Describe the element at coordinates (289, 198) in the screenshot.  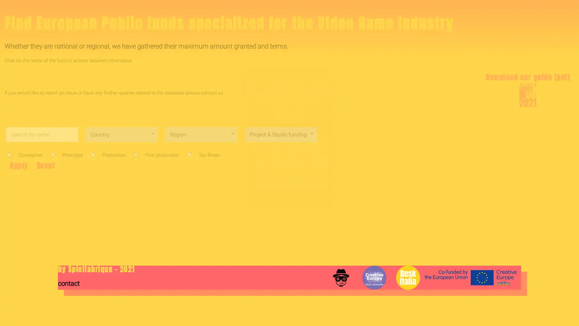
I see `Submit` at that location.